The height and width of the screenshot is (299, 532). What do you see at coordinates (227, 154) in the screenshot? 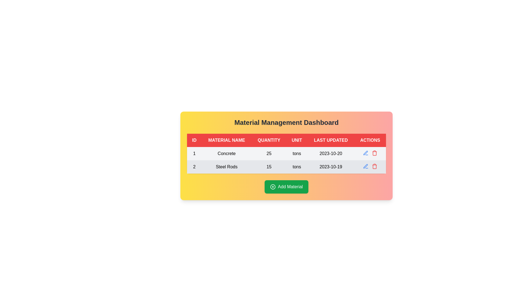
I see `the Text Label representing the material name in the second column of the first row of the data table, which is adjacent to the numeric value '1' and the quantity value '25'` at bounding box center [227, 154].